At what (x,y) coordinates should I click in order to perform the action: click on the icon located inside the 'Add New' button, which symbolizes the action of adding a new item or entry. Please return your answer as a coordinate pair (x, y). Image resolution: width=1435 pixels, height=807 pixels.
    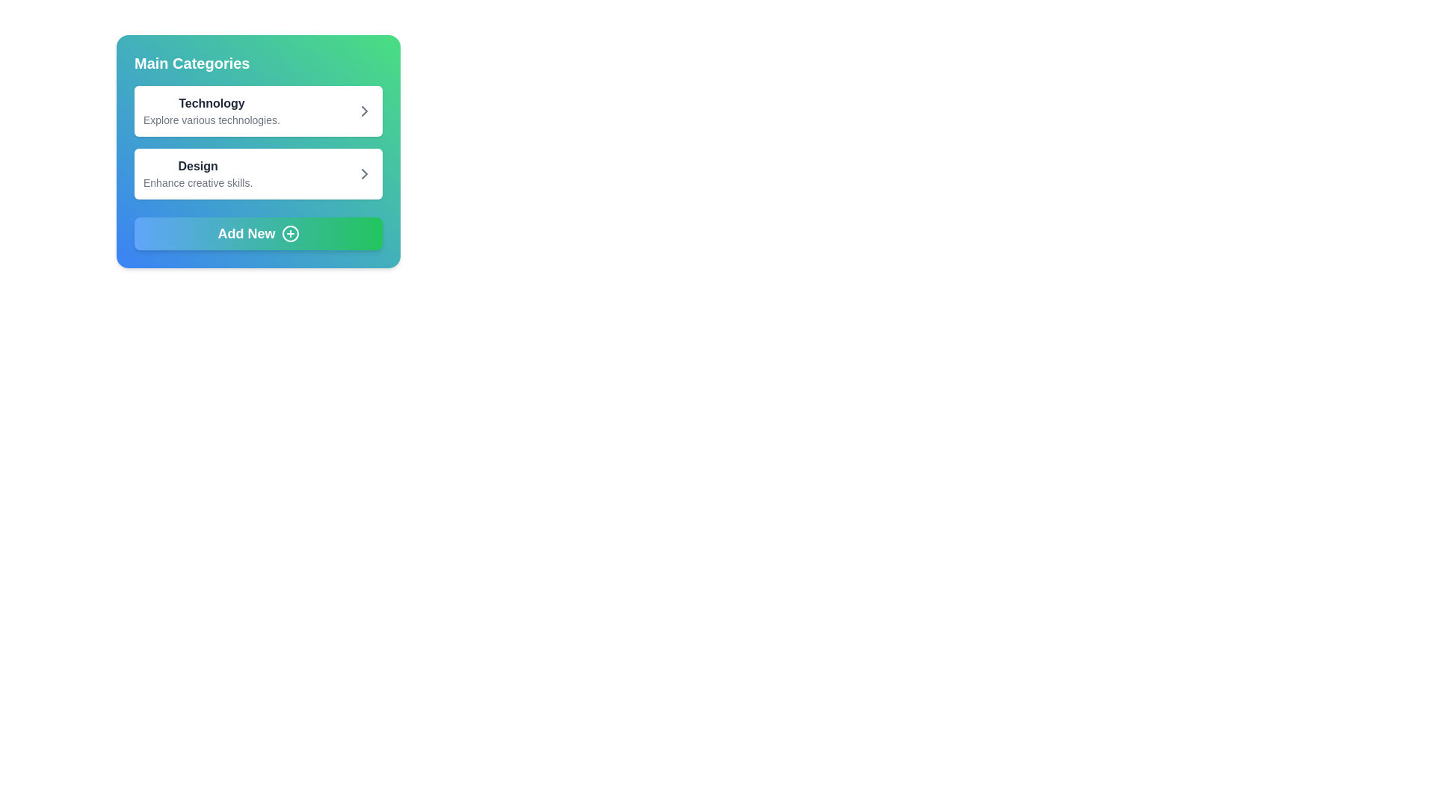
    Looking at the image, I should click on (290, 233).